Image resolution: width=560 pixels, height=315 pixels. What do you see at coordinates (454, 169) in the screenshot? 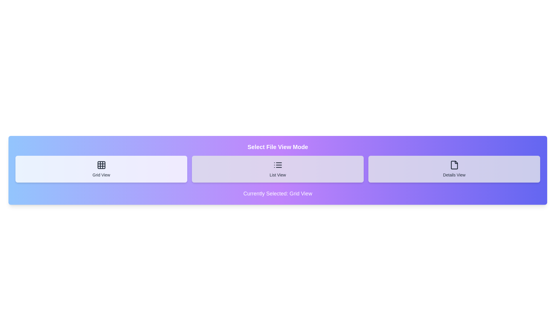
I see `the button corresponding to the desired file view mode: Details View` at bounding box center [454, 169].